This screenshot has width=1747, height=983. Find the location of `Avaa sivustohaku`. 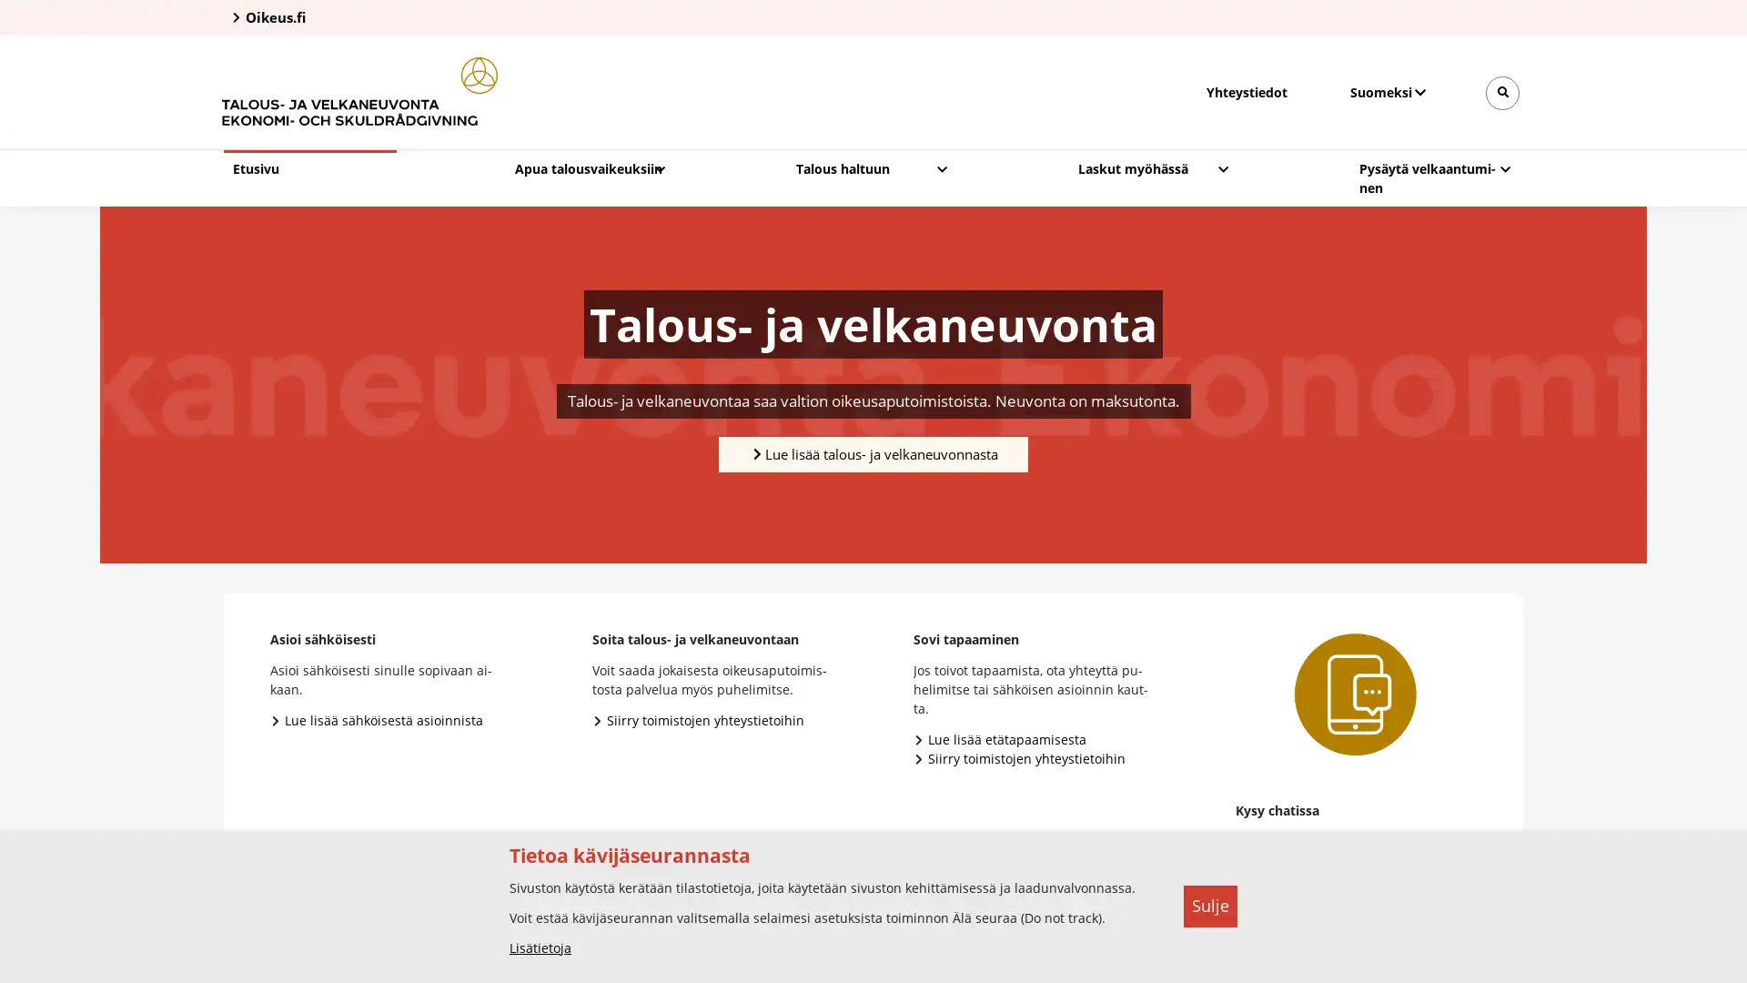

Avaa sivustohaku is located at coordinates (1502, 93).